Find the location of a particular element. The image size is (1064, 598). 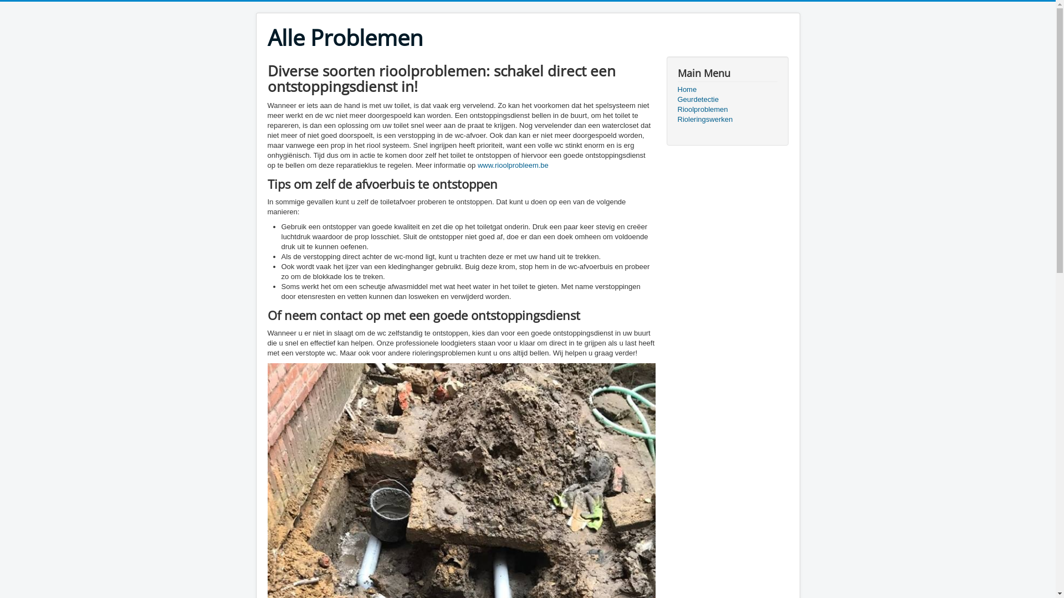

'Geurdetectie' is located at coordinates (727, 100).